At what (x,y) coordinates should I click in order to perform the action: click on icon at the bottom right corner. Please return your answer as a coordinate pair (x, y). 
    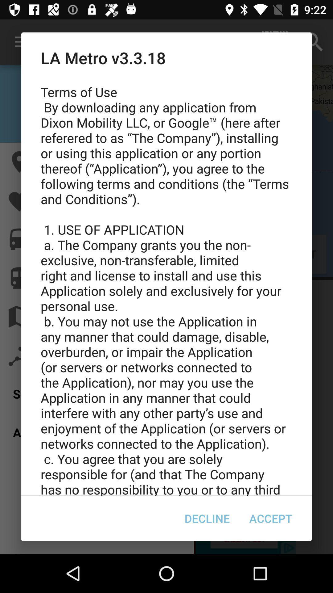
    Looking at the image, I should click on (270, 518).